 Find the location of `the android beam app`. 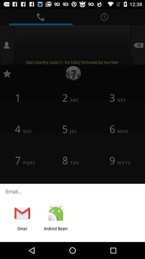

the android beam app is located at coordinates (55, 231).